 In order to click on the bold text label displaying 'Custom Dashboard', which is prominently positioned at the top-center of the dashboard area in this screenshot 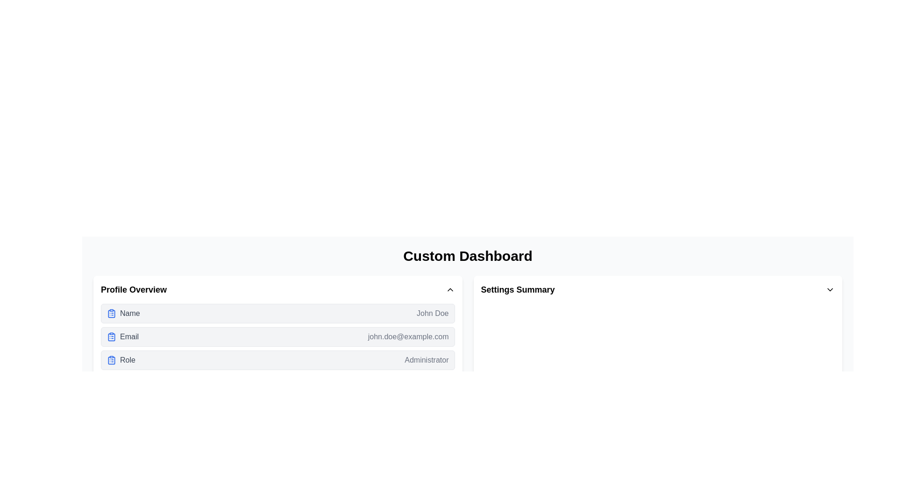, I will do `click(468, 256)`.